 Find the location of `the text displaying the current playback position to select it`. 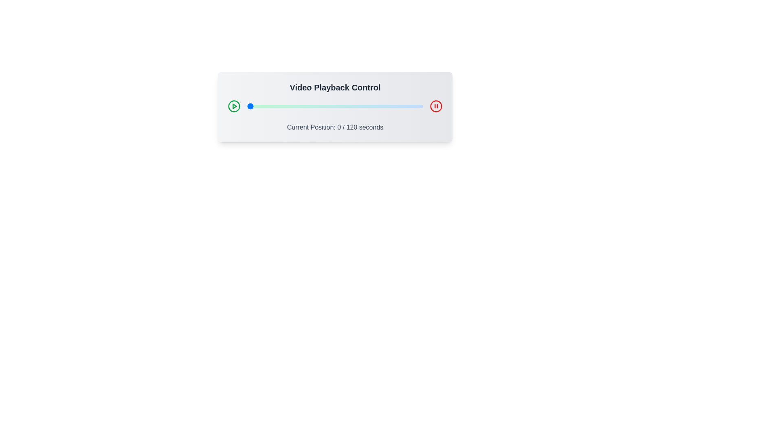

the text displaying the current playback position to select it is located at coordinates (335, 127).